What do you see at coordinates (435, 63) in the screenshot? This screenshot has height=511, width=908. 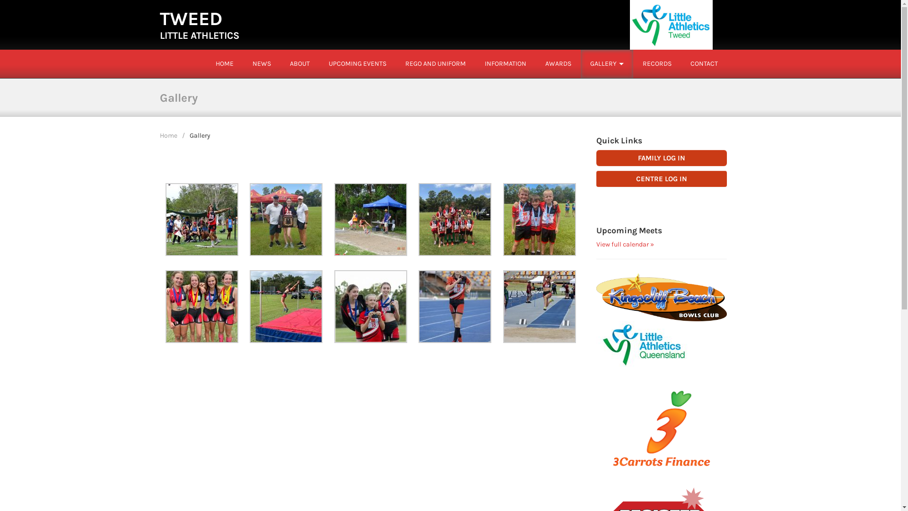 I see `'REGO AND UNIFORM'` at bounding box center [435, 63].